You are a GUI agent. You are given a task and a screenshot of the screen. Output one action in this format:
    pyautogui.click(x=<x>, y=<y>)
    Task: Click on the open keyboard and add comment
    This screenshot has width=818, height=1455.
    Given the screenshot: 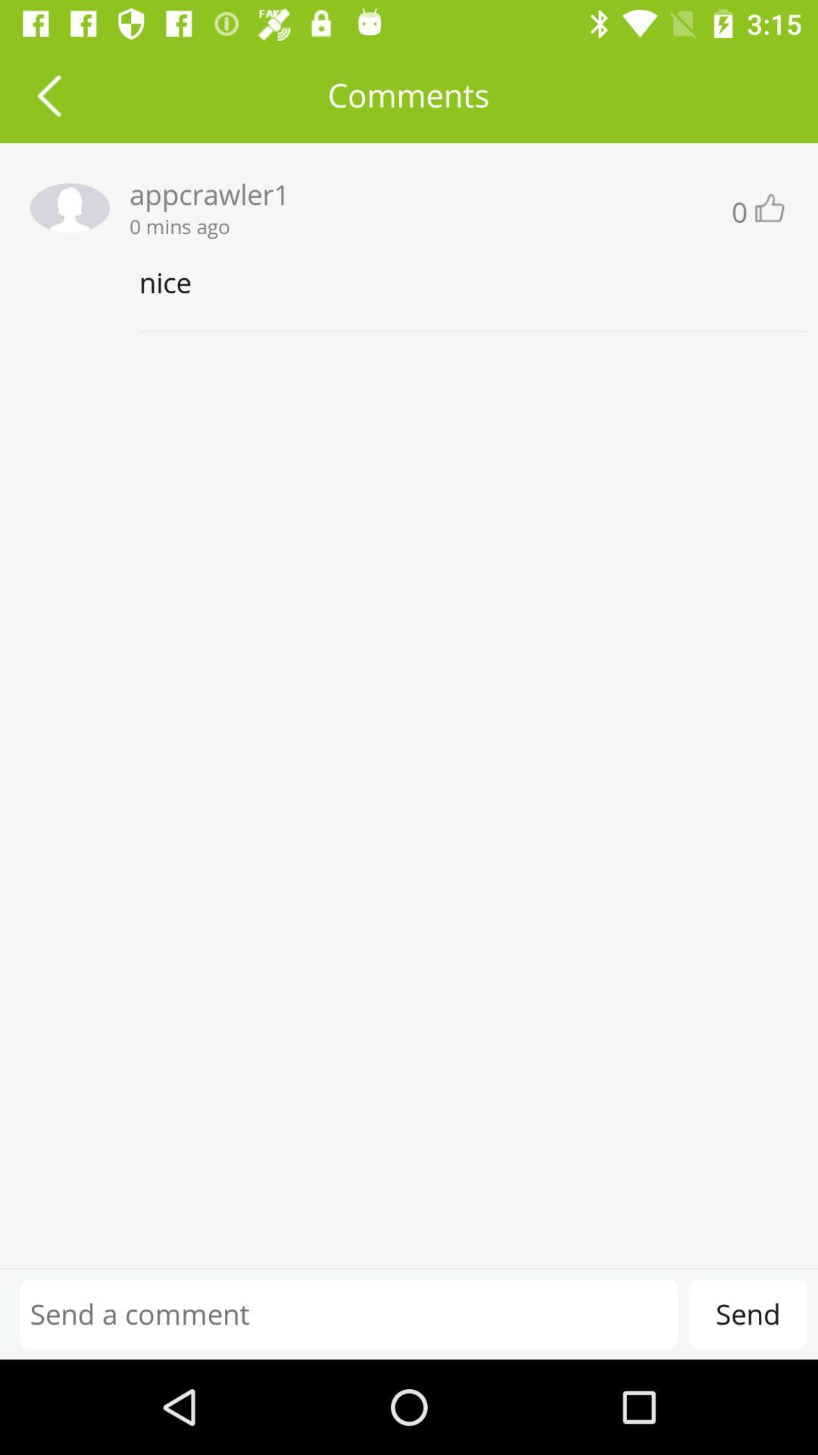 What is the action you would take?
    pyautogui.click(x=348, y=1313)
    